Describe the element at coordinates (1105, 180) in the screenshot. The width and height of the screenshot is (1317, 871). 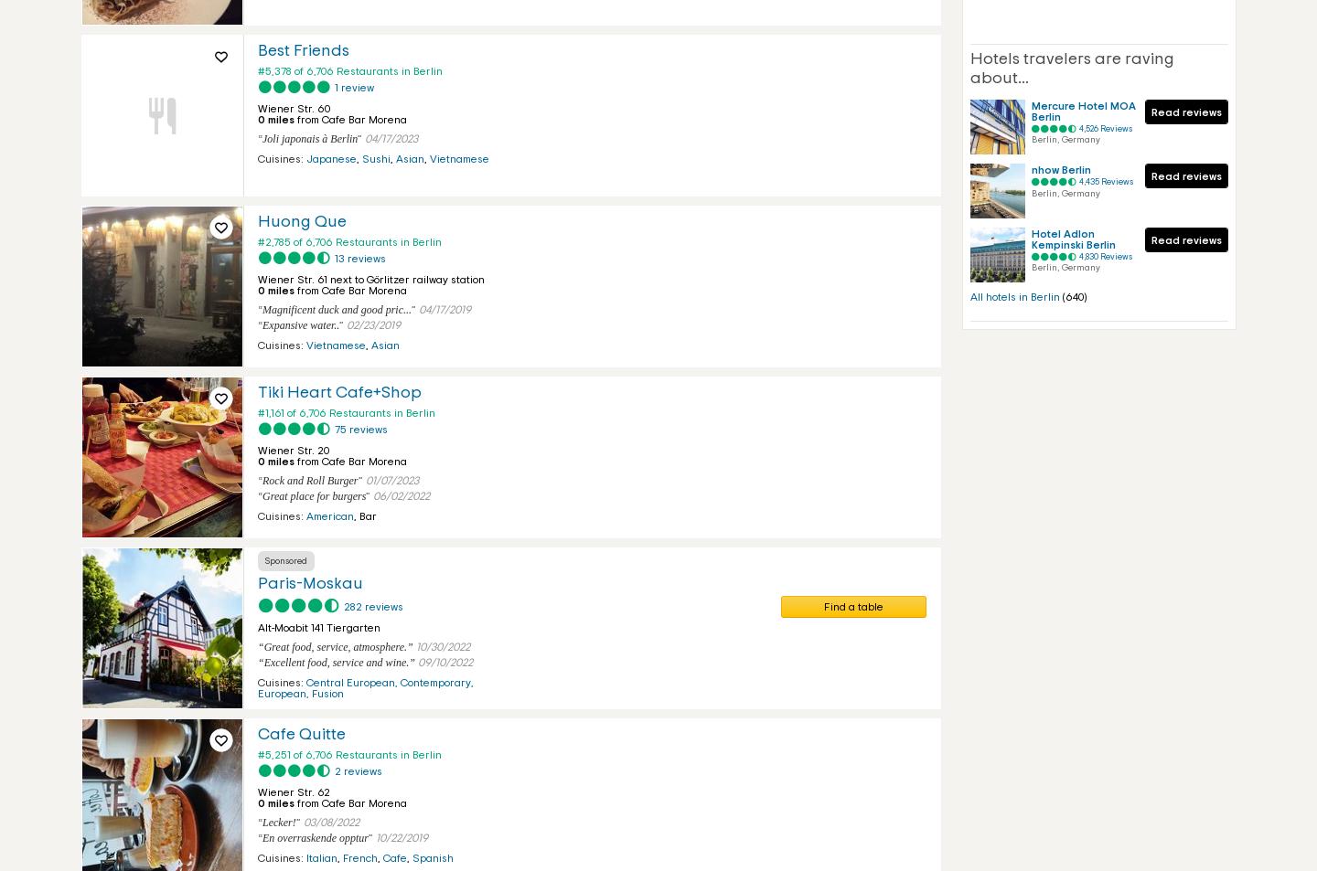
I see `'4,435 Reviews'` at that location.